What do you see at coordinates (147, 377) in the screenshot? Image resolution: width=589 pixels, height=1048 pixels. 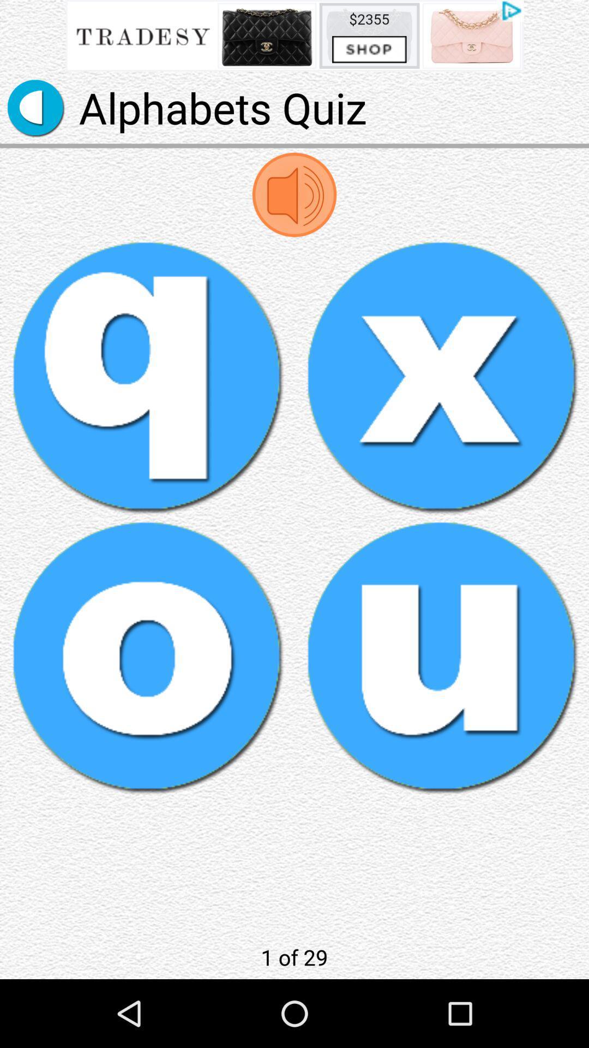 I see `alphabets quiz with q` at bounding box center [147, 377].